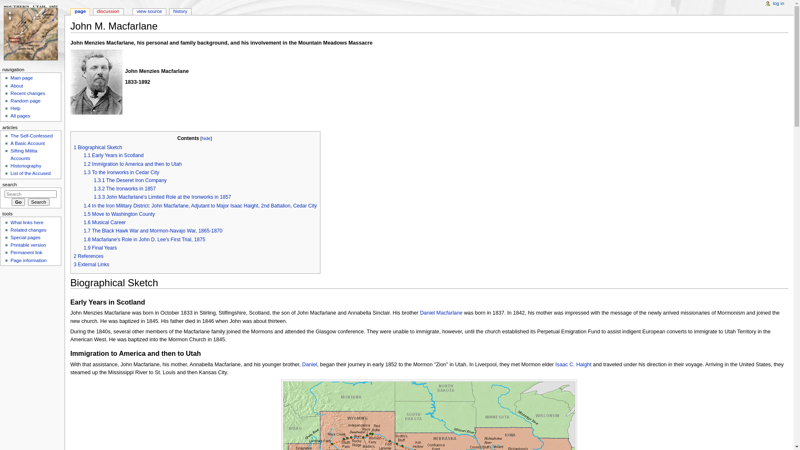 This screenshot has height=450, width=800. What do you see at coordinates (28, 202) in the screenshot?
I see `'Search'` at bounding box center [28, 202].